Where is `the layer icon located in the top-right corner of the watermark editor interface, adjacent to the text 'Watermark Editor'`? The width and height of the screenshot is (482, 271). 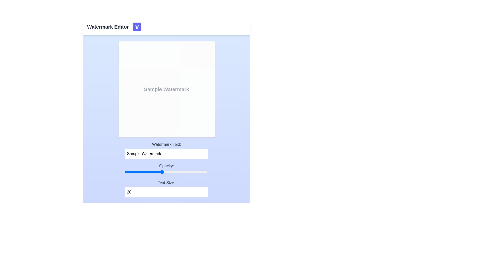 the layer icon located in the top-right corner of the watermark editor interface, adjacent to the text 'Watermark Editor' is located at coordinates (137, 27).